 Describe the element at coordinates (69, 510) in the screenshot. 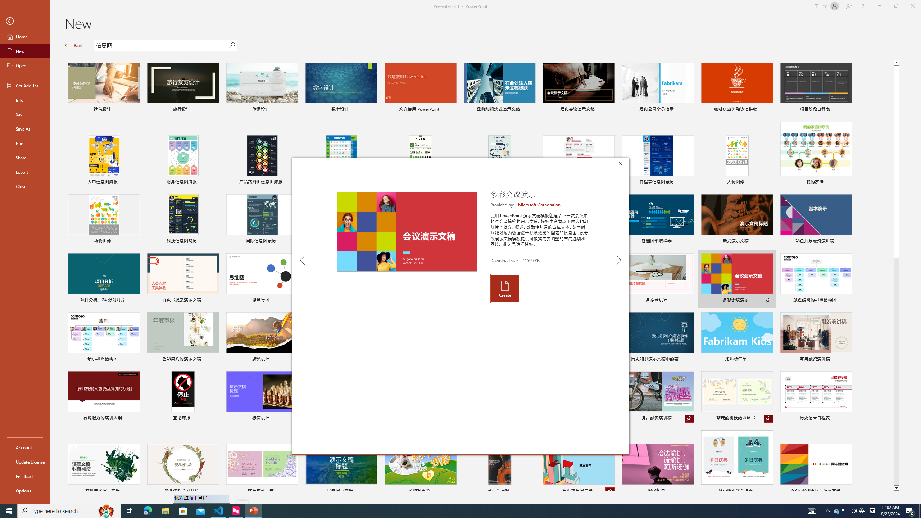

I see `'Type here to search'` at that location.